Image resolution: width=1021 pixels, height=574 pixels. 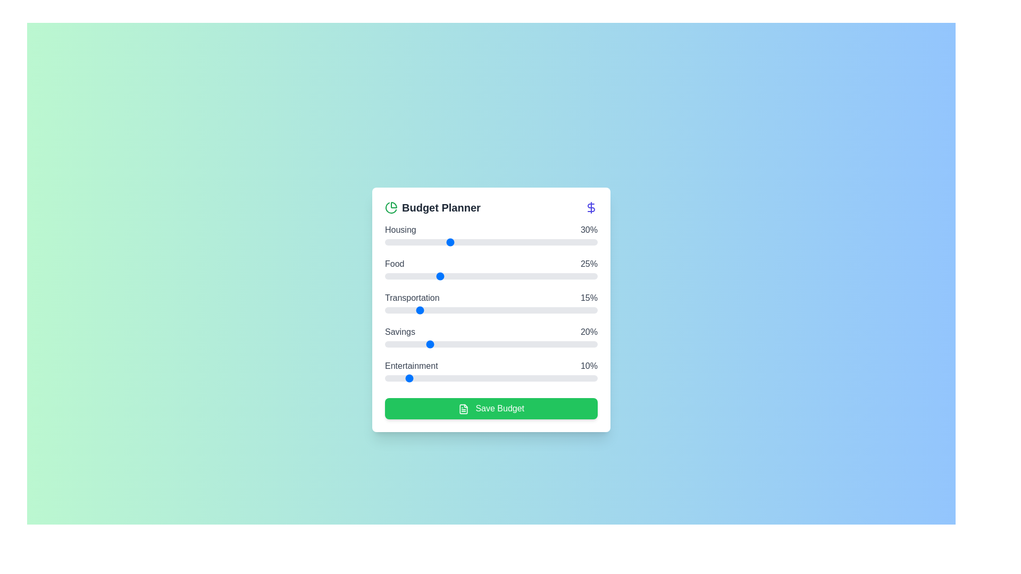 What do you see at coordinates (447, 378) in the screenshot?
I see `the slider for 'Entertainment' to set its percentage to 29` at bounding box center [447, 378].